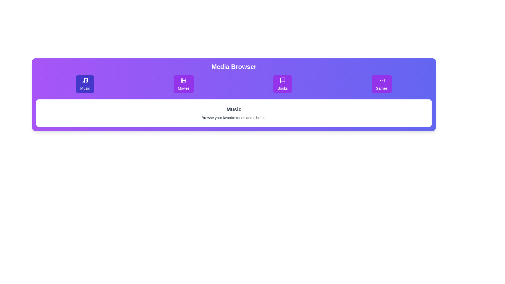 Image resolution: width=505 pixels, height=284 pixels. Describe the element at coordinates (282, 80) in the screenshot. I see `the 'Books' icon in the navigation bar` at that location.